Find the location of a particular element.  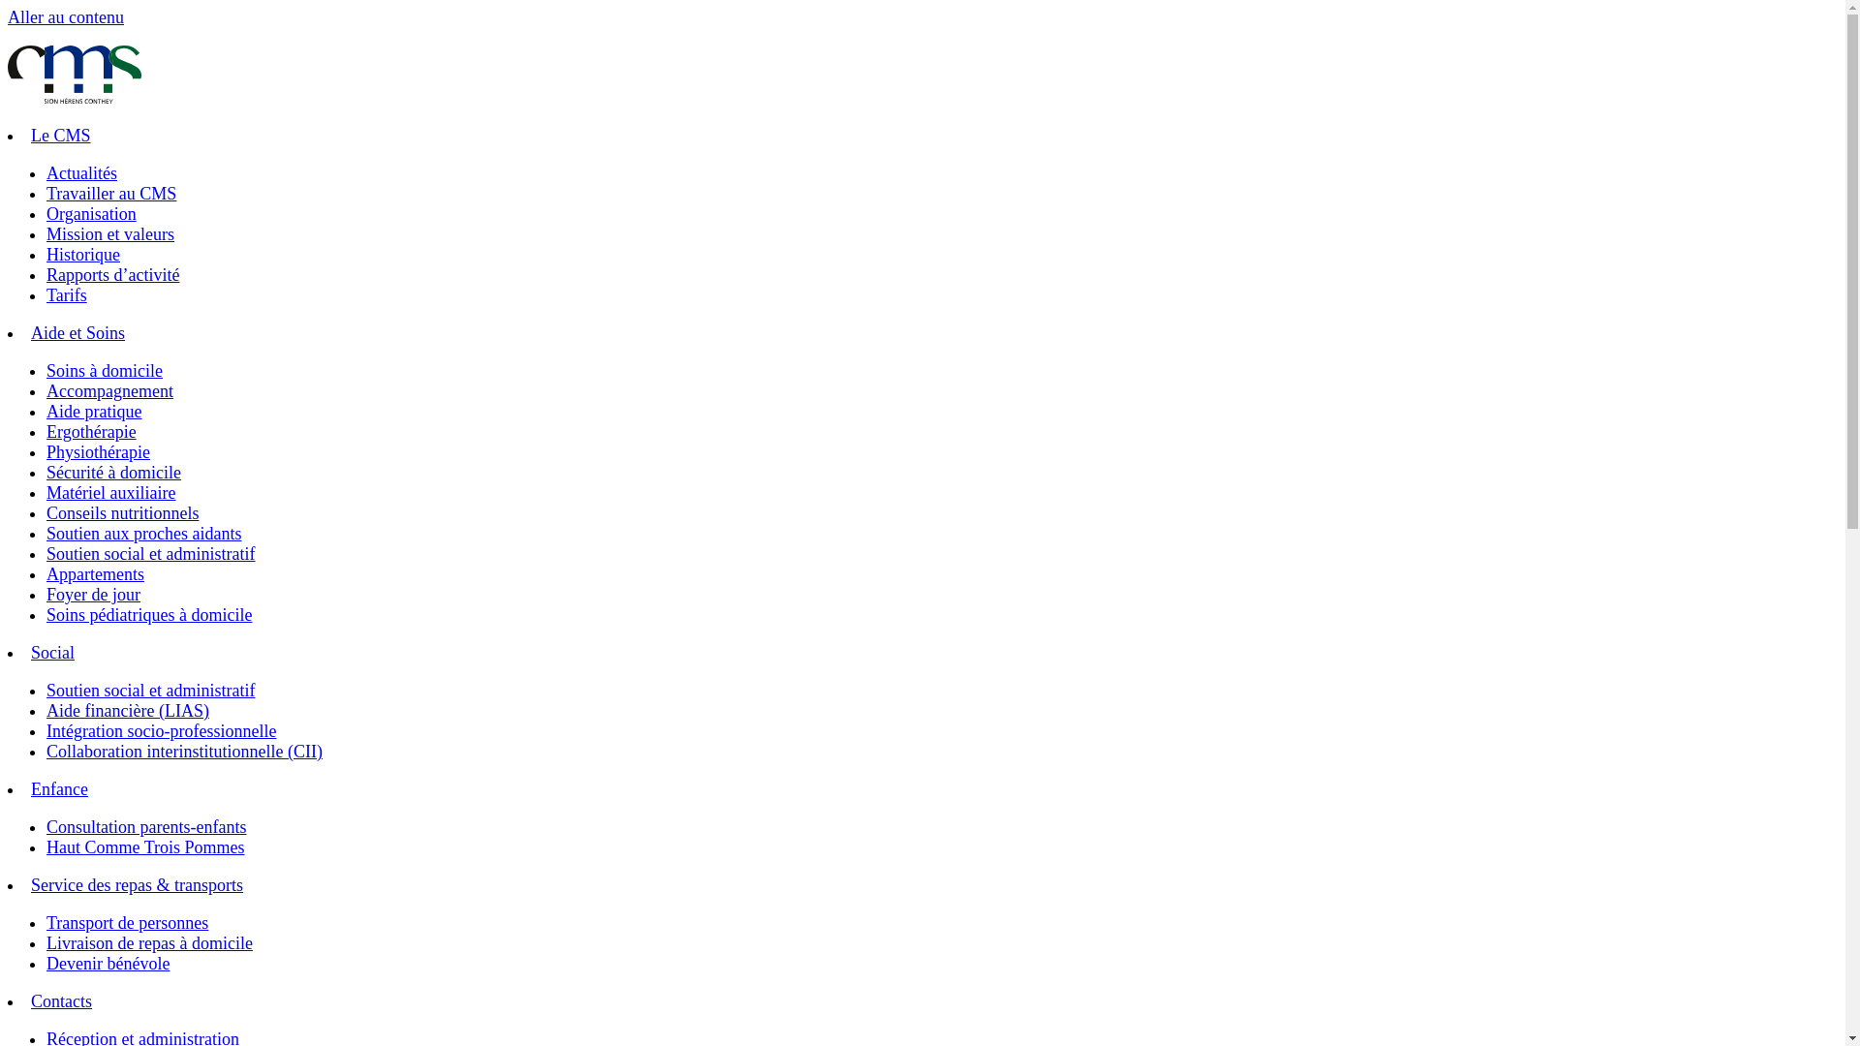

'Travailler au CMS' is located at coordinates (110, 194).